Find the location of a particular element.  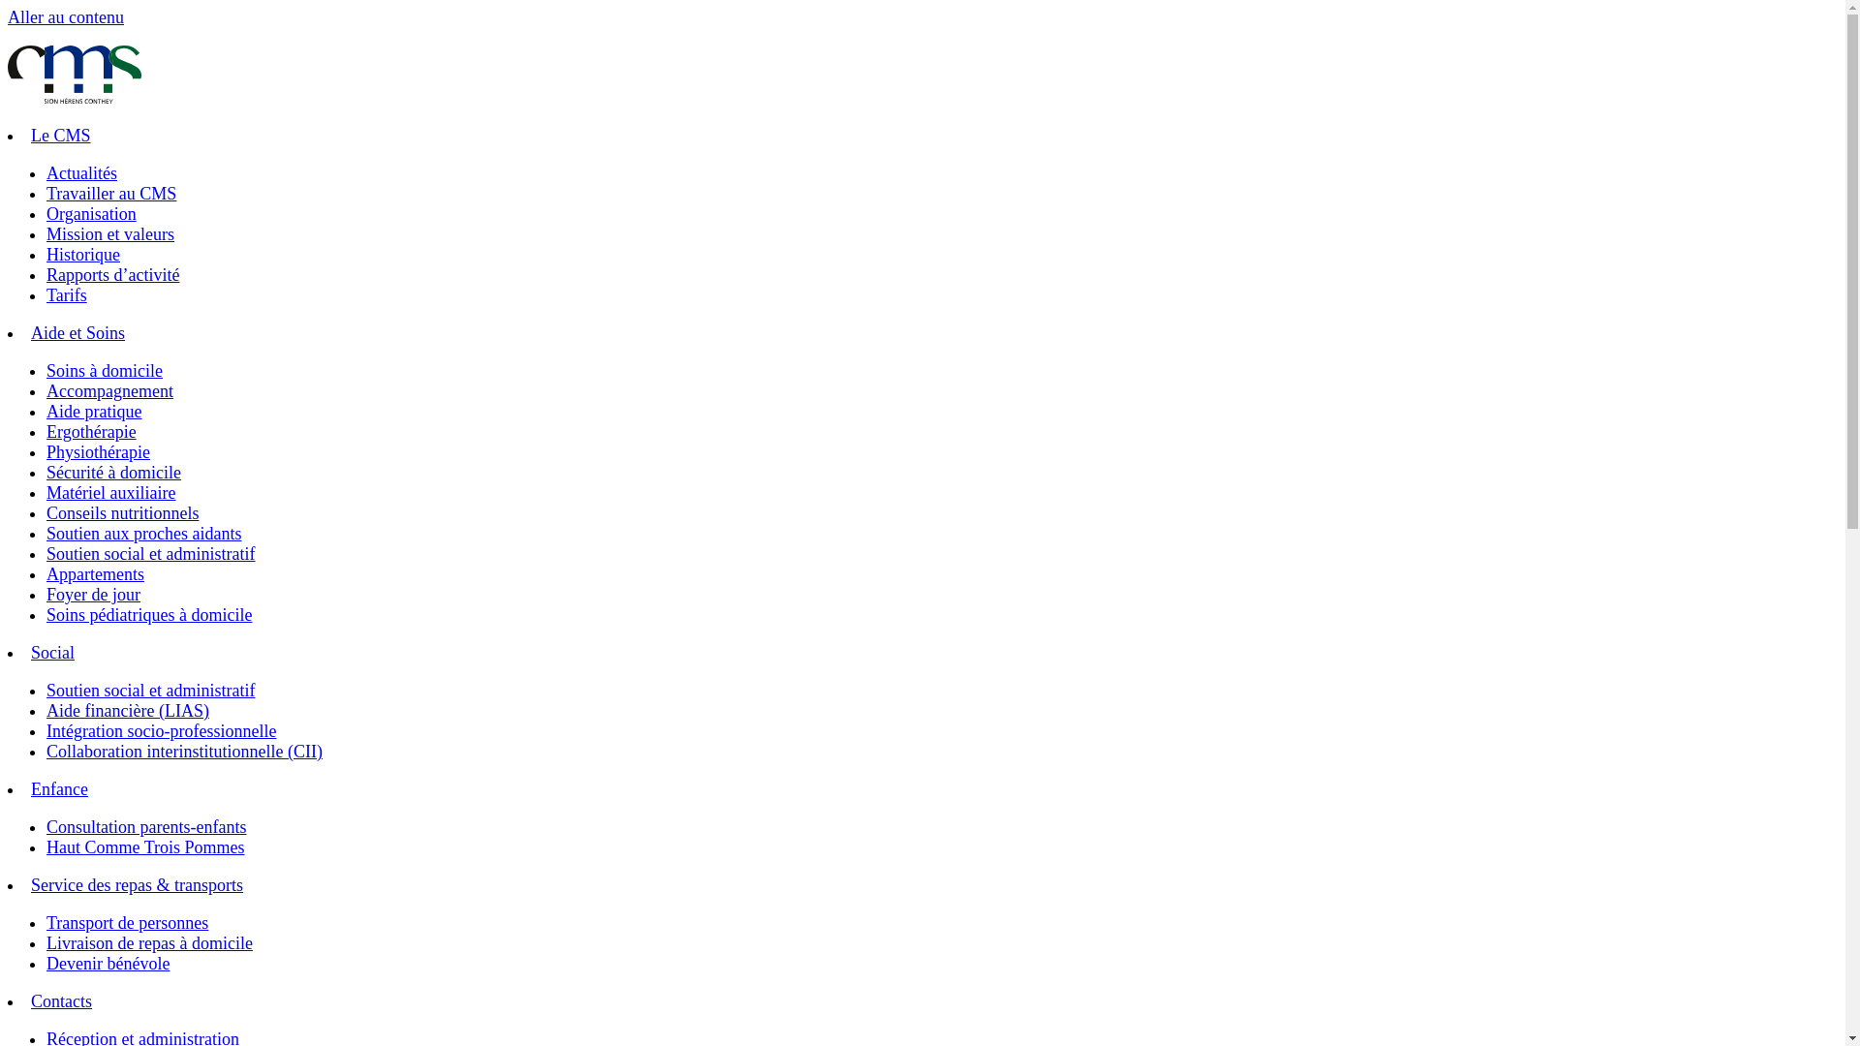

'Travailler au CMS' is located at coordinates (110, 194).